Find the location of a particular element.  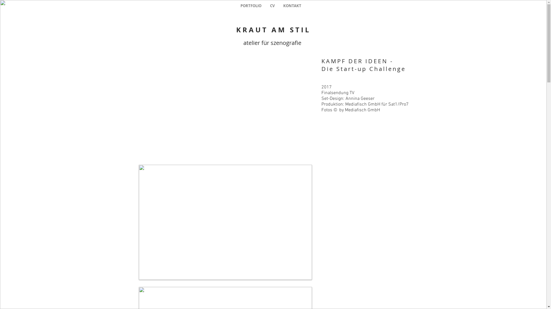

'PORTFOLIO' is located at coordinates (236, 6).